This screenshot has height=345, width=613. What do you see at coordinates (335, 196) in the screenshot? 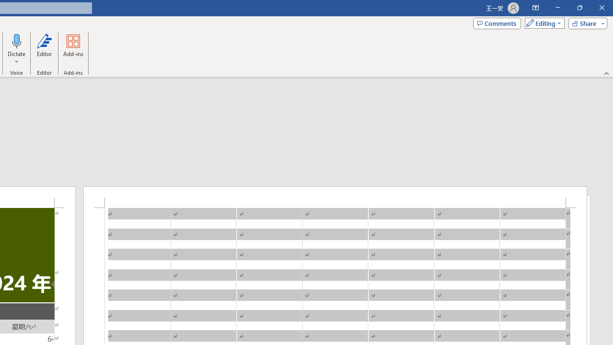
I see `'Header -Section 1-'` at bounding box center [335, 196].